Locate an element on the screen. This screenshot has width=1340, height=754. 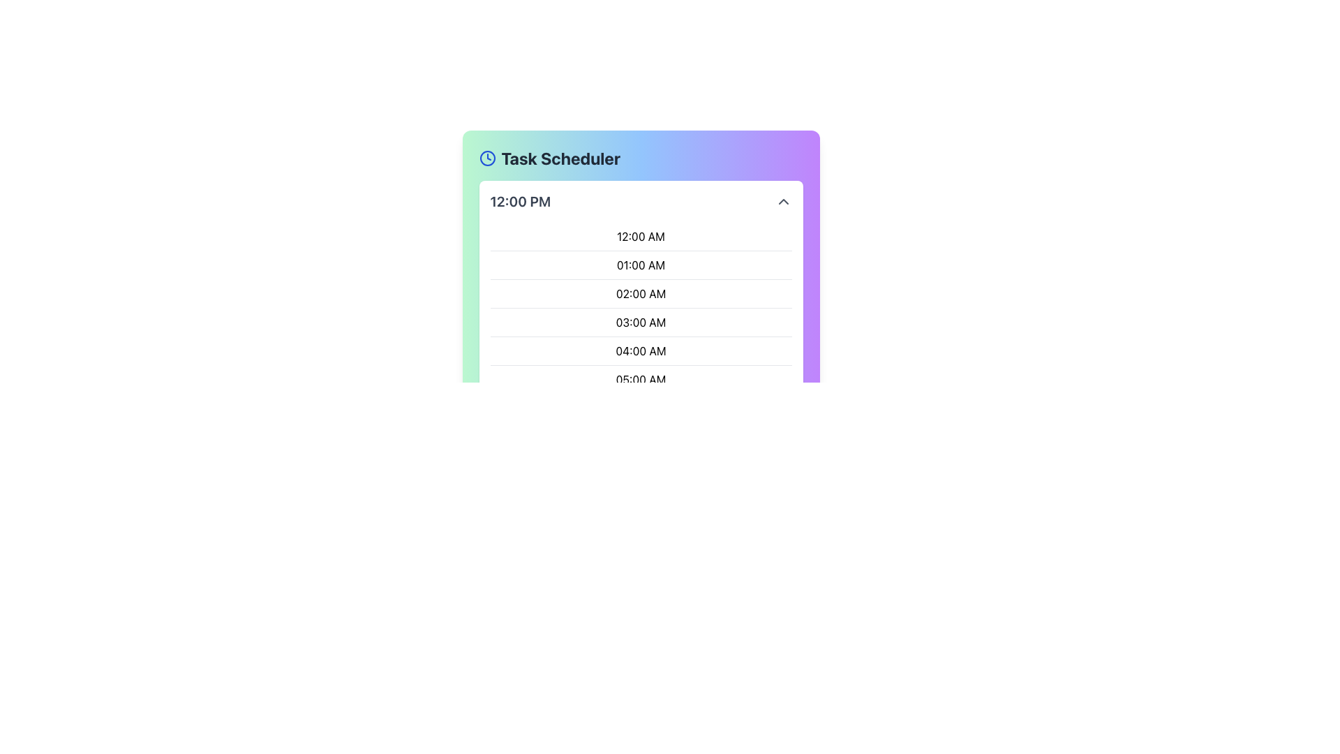
the 'Task Scheduler' icon located at the leftmost side of the header area, which visually represents time or scheduling is located at coordinates (487, 158).